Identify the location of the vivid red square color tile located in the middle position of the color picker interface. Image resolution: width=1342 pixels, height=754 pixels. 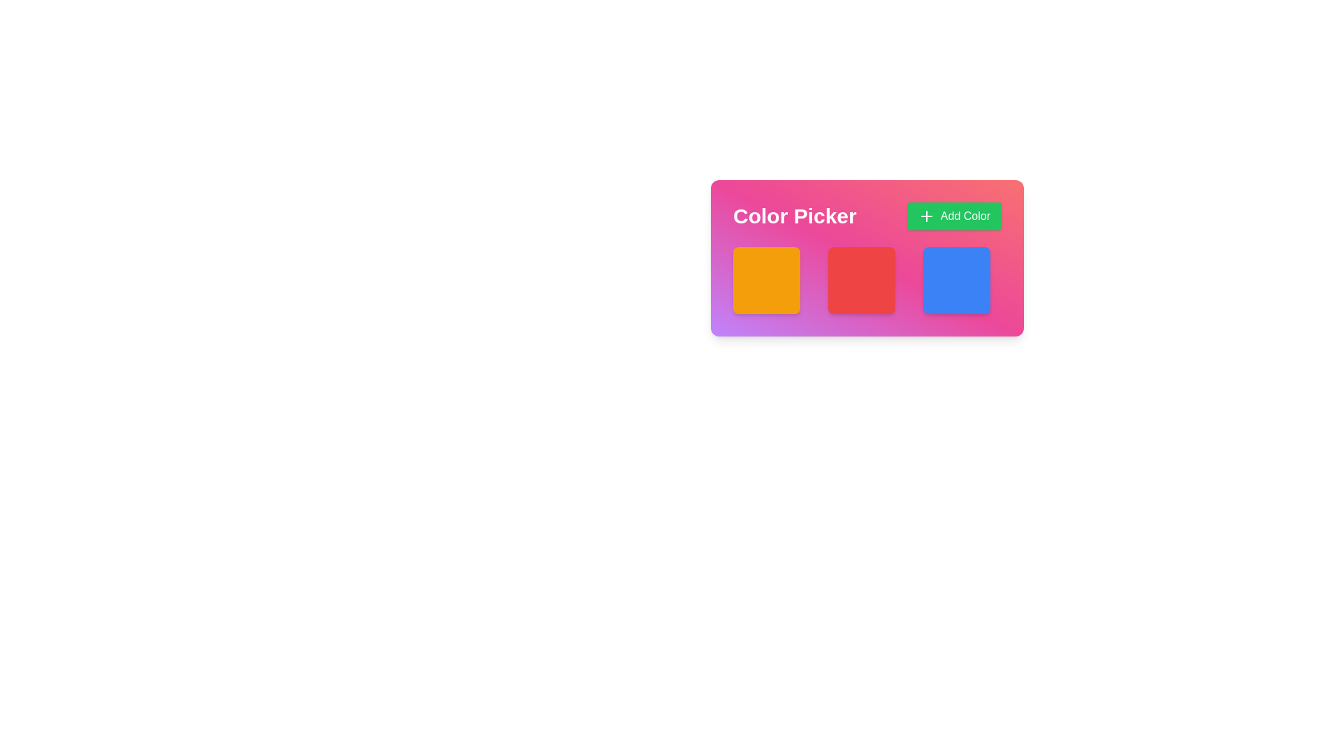
(867, 258).